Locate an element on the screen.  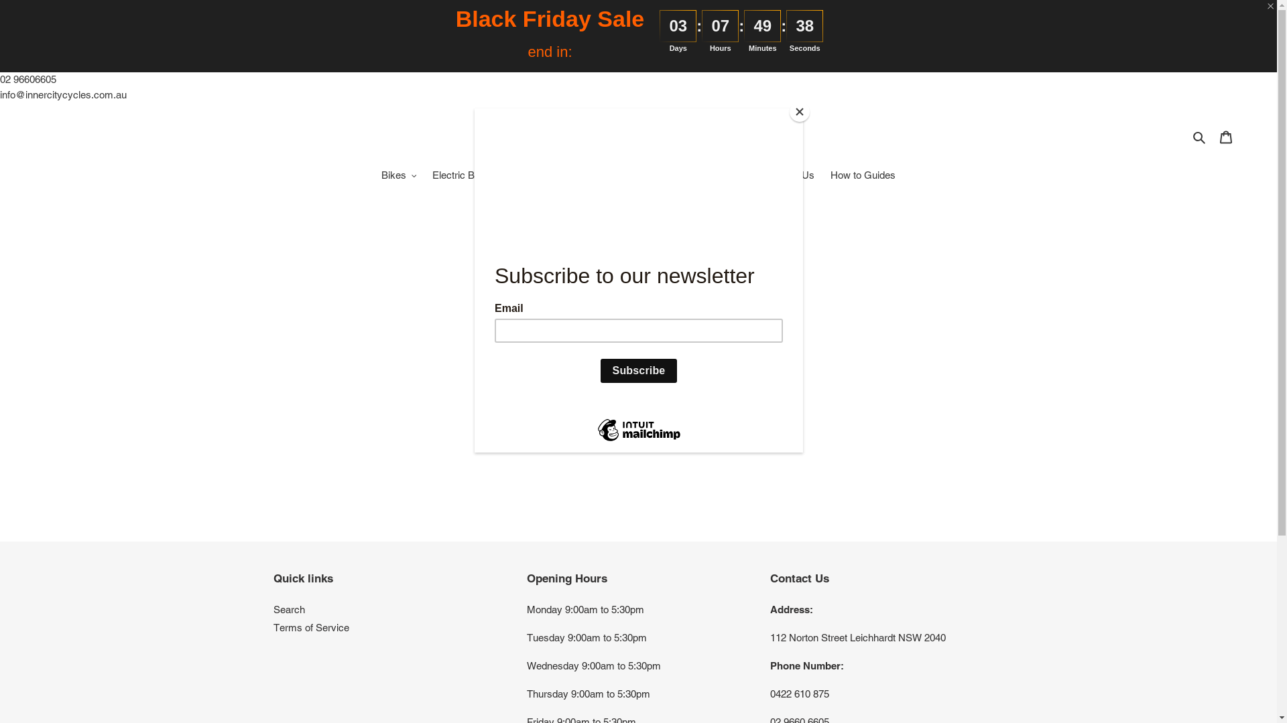
'Search' is located at coordinates (273, 609).